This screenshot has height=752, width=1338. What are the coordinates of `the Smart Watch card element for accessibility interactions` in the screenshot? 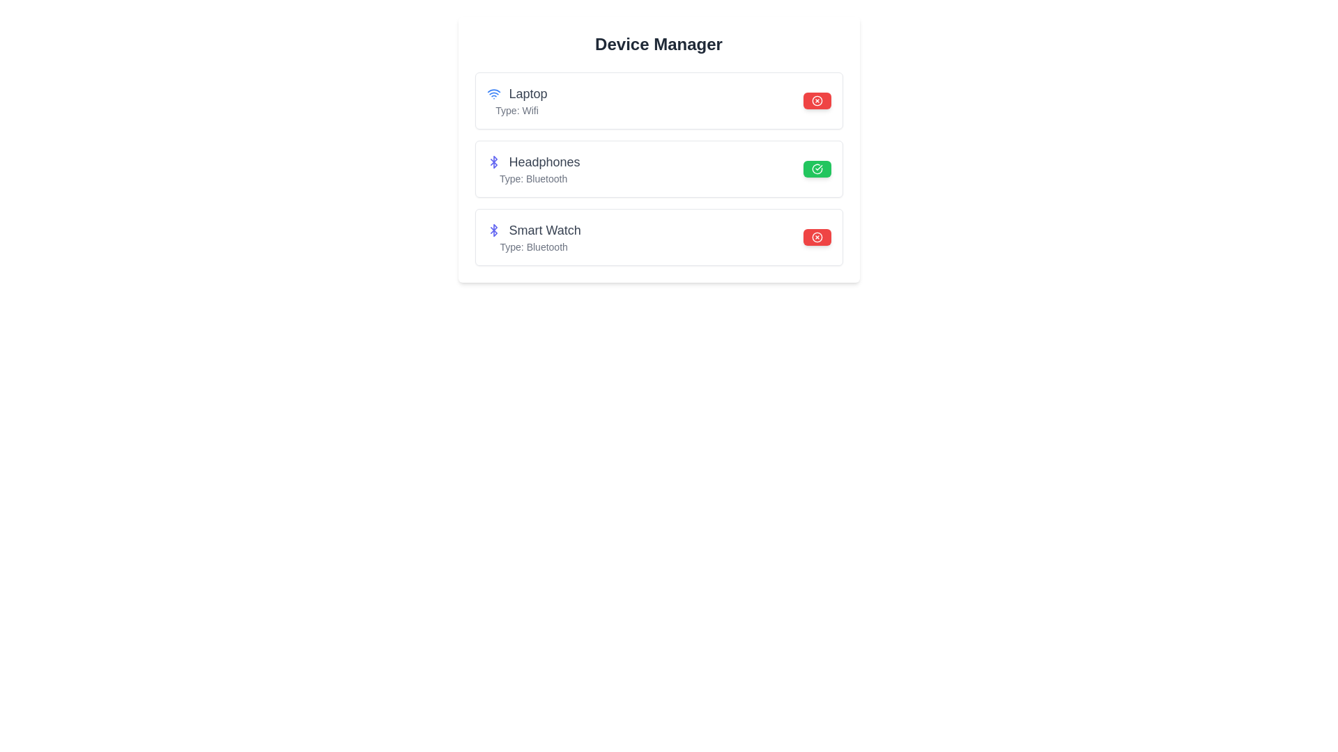 It's located at (658, 236).